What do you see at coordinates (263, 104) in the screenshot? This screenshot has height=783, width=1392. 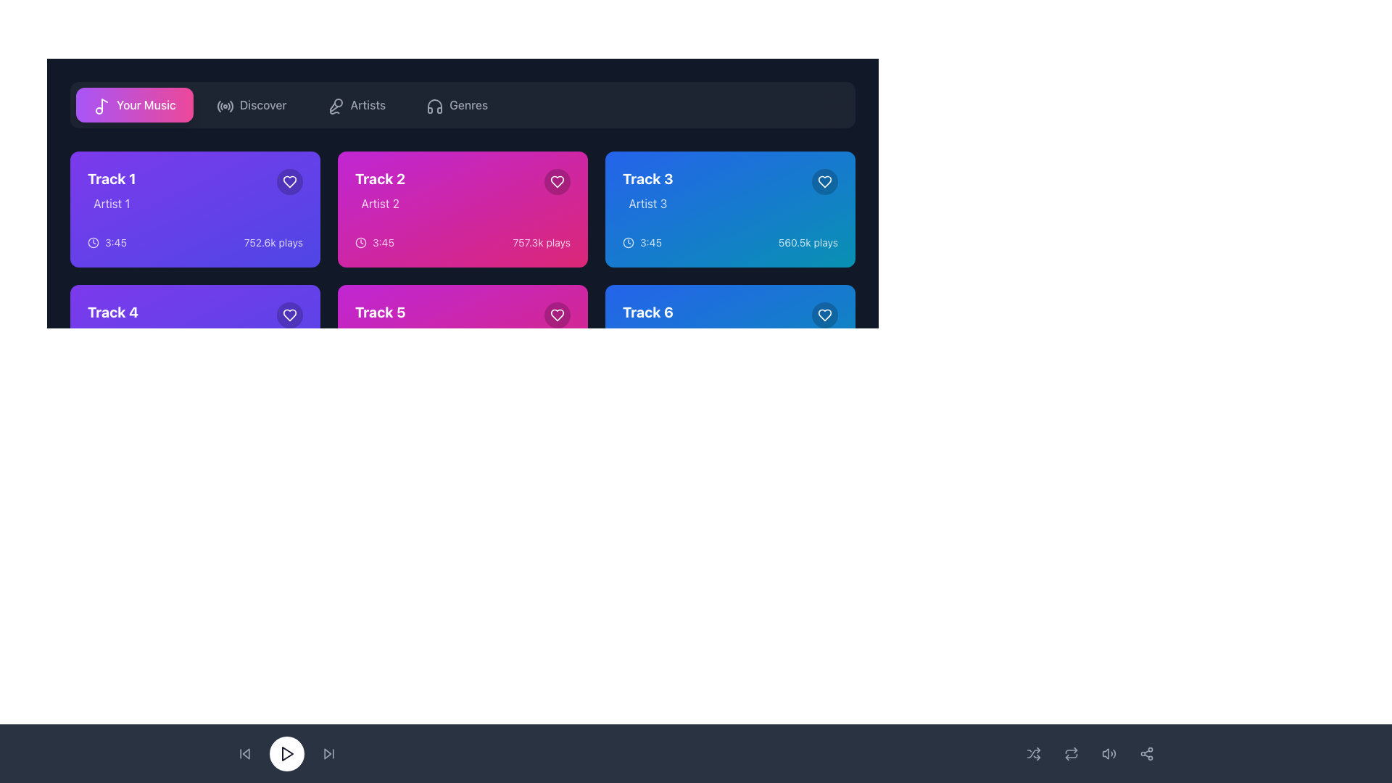 I see `the 'Discover' navigation link located in the top navigation bar` at bounding box center [263, 104].